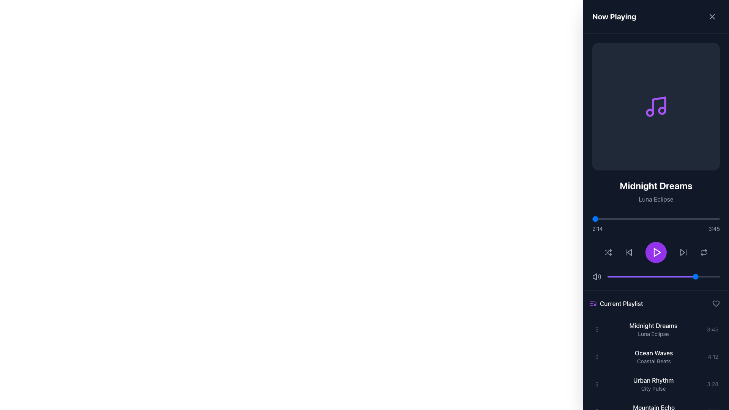  What do you see at coordinates (656, 107) in the screenshot?
I see `the music playback icon located in the upper right quadrant of the application interface, which serves as a decorative indicator for current media playback` at bounding box center [656, 107].